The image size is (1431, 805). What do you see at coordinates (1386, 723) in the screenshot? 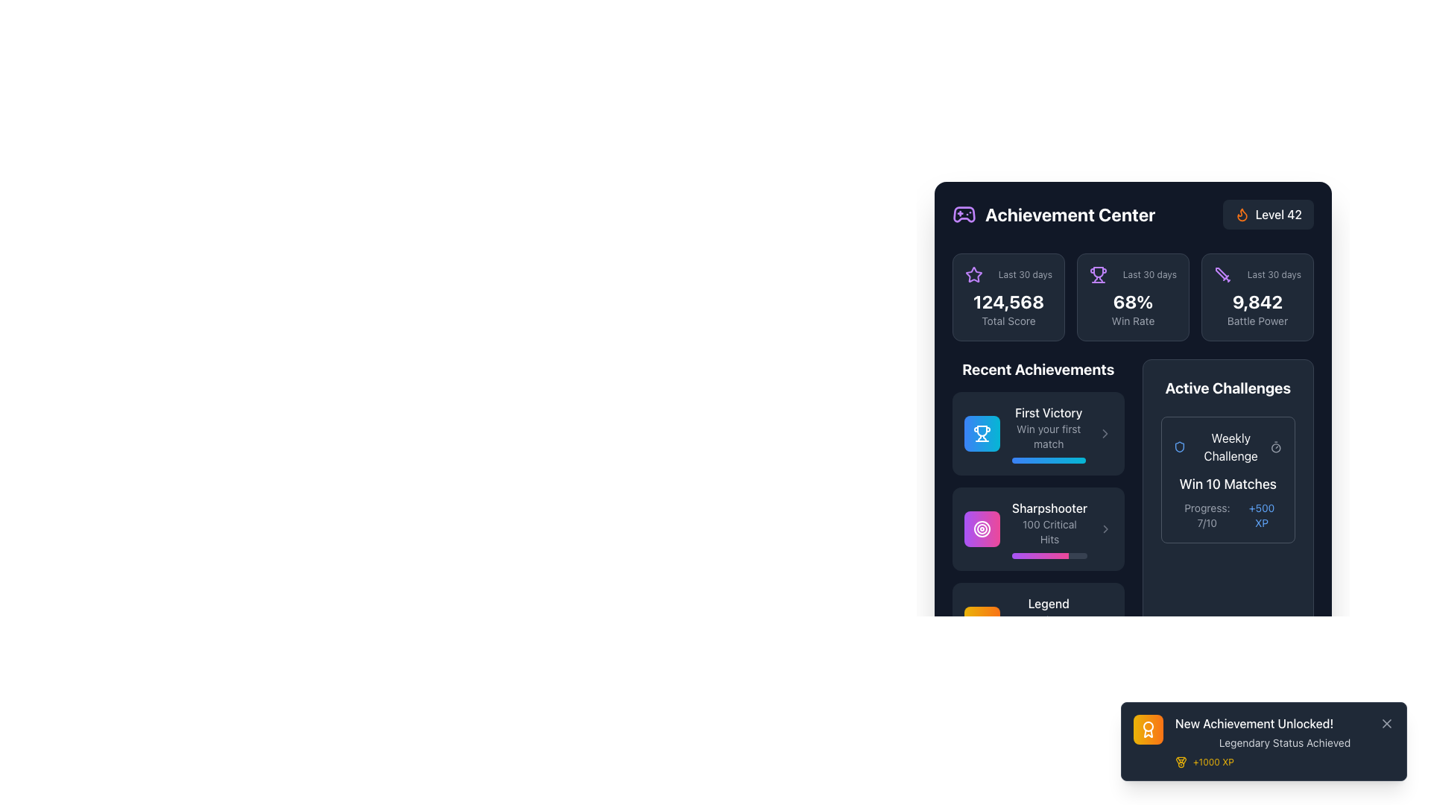
I see `the Close icon, which resembles an 'X' mark composed of two diagonal lines, located in the right-hand corner of the notification component` at bounding box center [1386, 723].